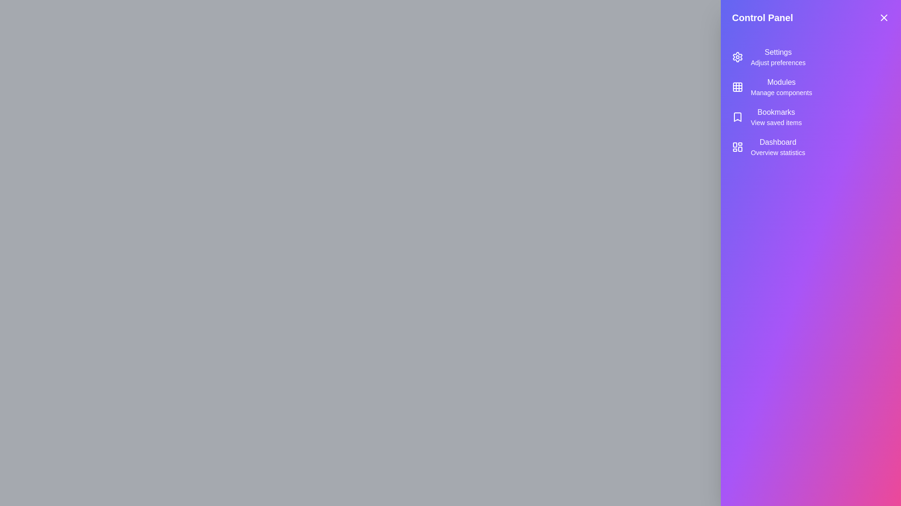 The height and width of the screenshot is (506, 901). I want to click on the text label reading 'Overview statistics', which is positioned directly beneath the 'Dashboard' label in the sidebar panel, so click(778, 152).